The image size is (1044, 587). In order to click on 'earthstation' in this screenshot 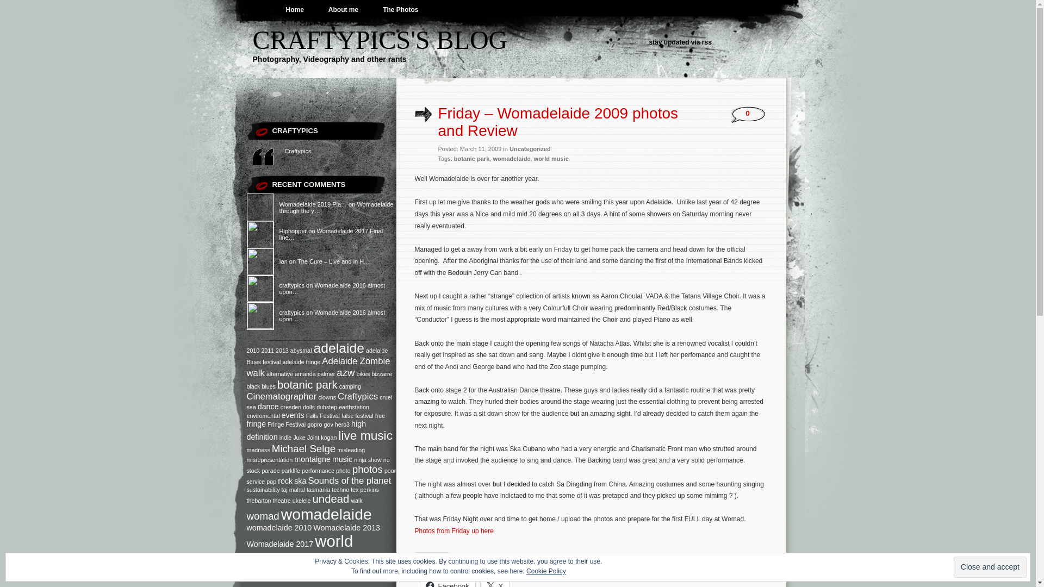, I will do `click(354, 407)`.